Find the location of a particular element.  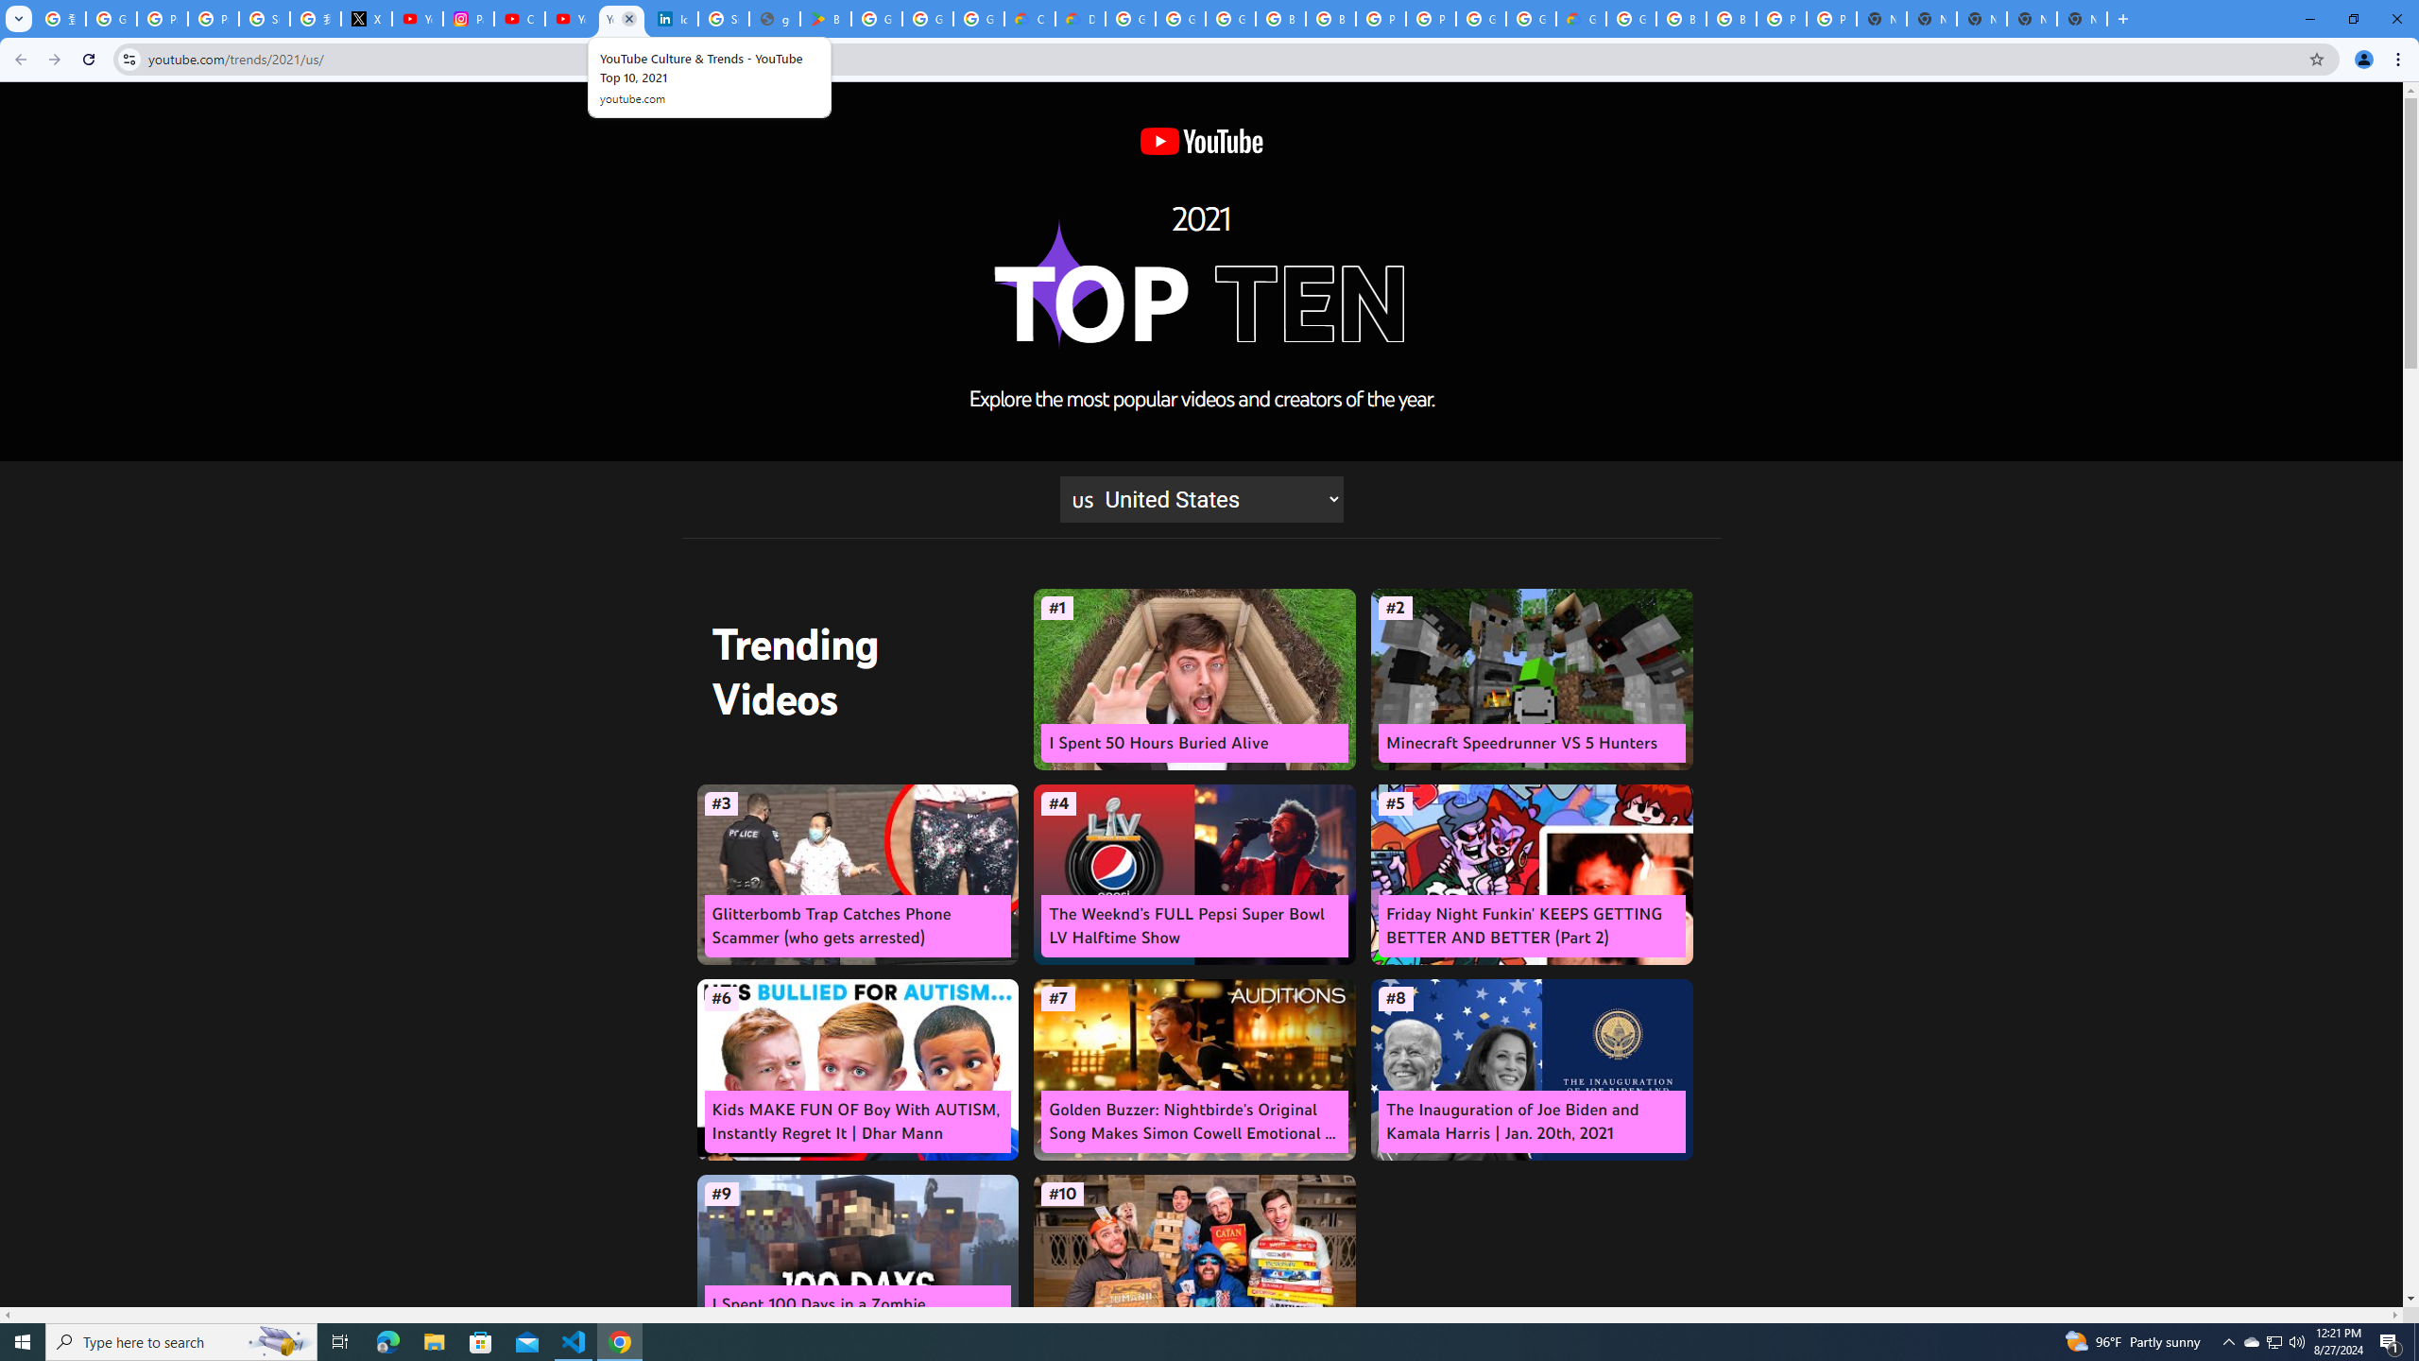

'Customer Care | Google Cloud' is located at coordinates (1029, 18).